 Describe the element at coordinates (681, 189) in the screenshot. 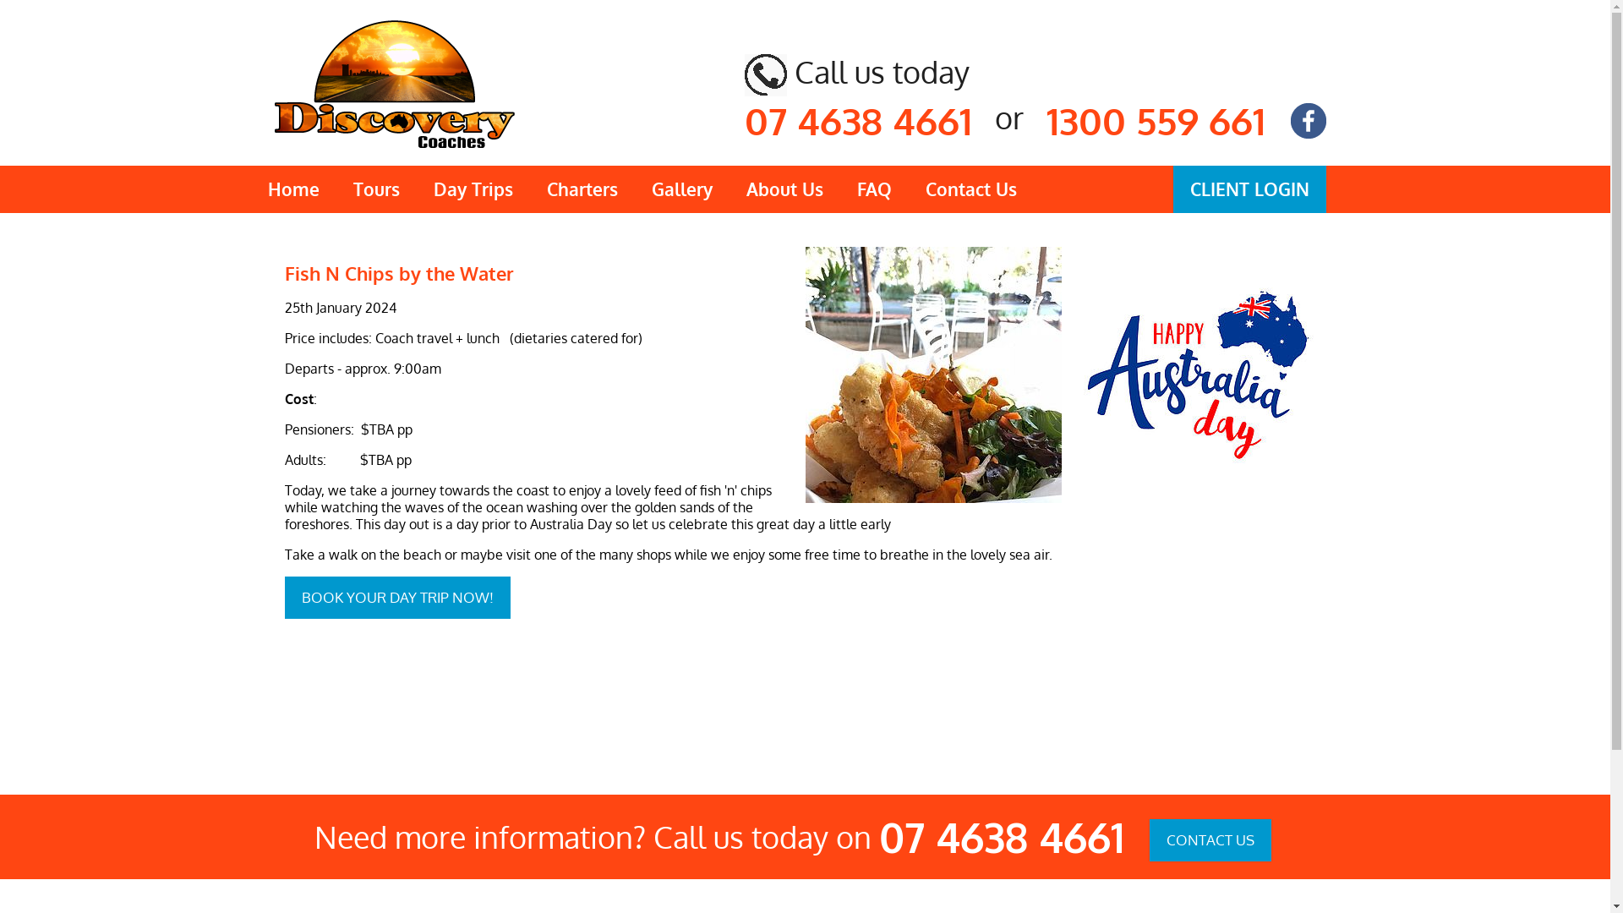

I see `'Gallery'` at that location.